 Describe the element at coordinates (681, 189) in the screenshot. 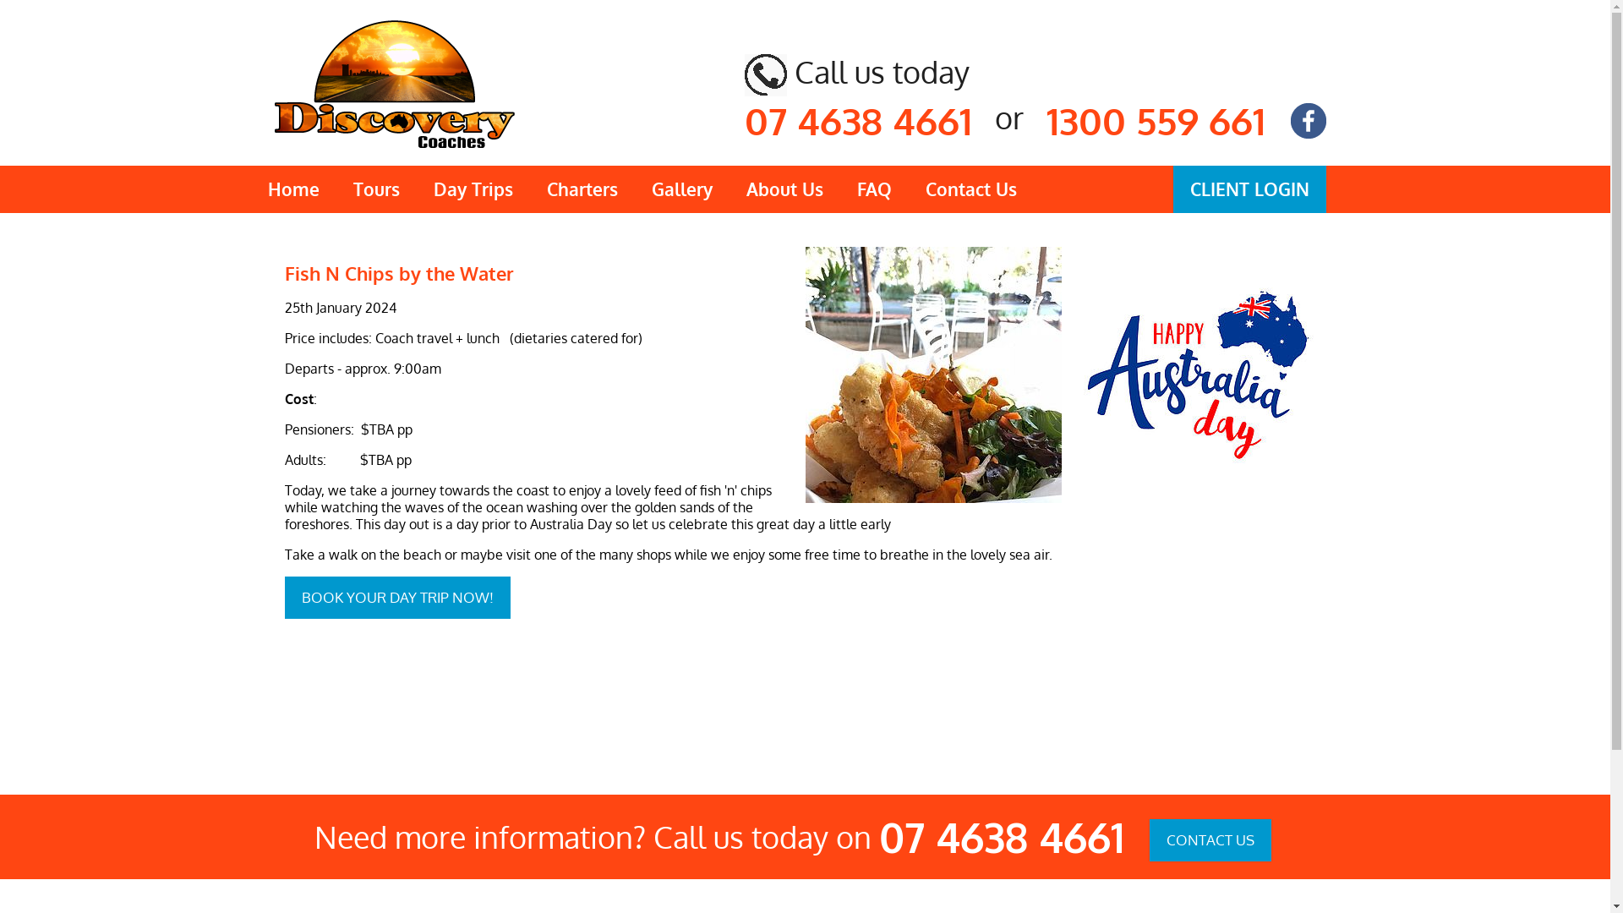

I see `'Gallery'` at that location.